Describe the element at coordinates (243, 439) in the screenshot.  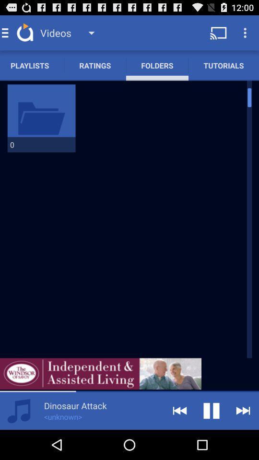
I see `the skip_next icon` at that location.